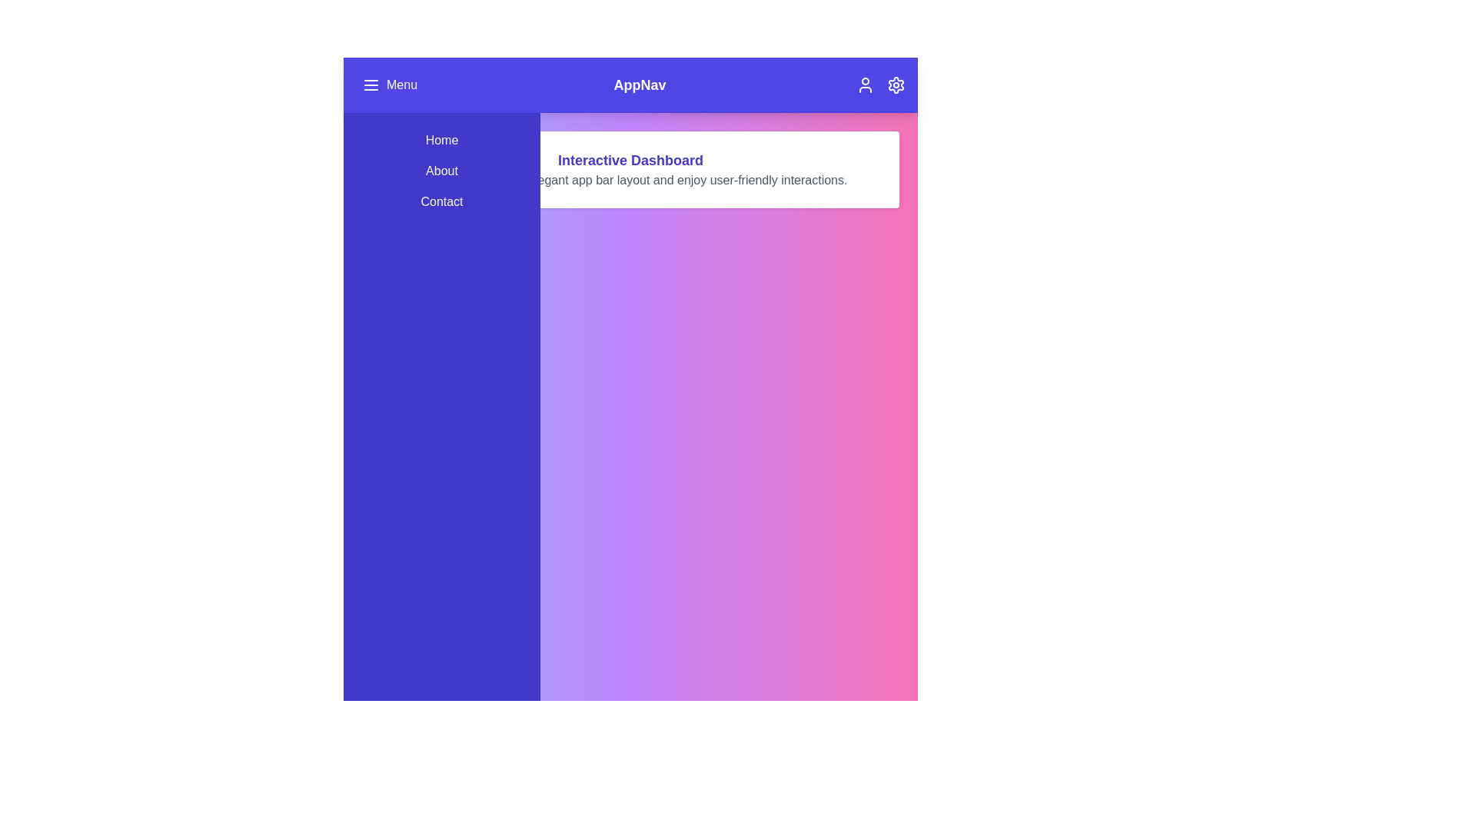 This screenshot has width=1476, height=830. What do you see at coordinates (441, 140) in the screenshot?
I see `the menu item Home` at bounding box center [441, 140].